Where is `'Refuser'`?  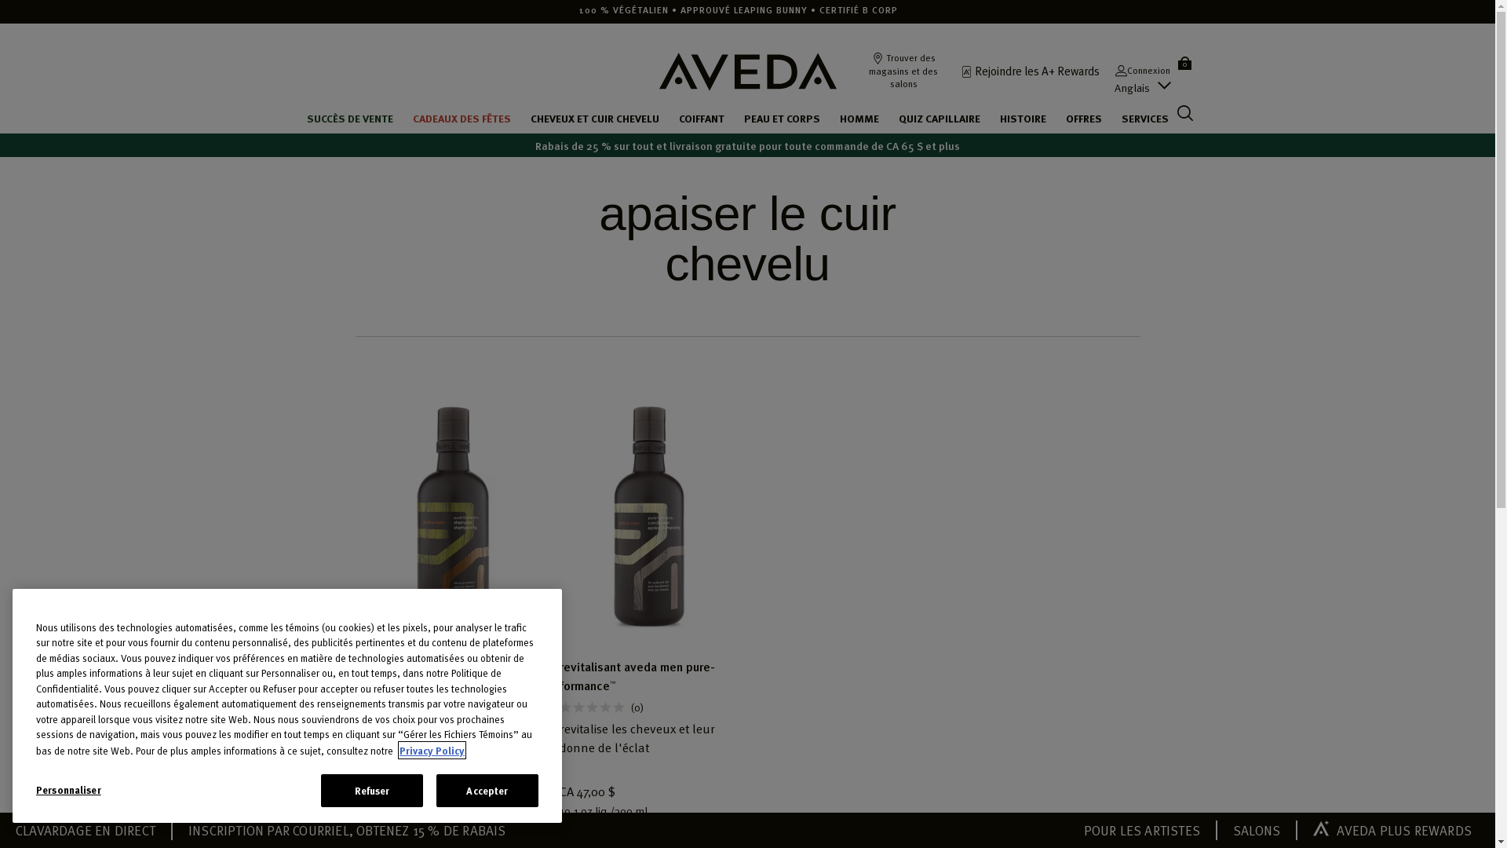 'Refuser' is located at coordinates (371, 790).